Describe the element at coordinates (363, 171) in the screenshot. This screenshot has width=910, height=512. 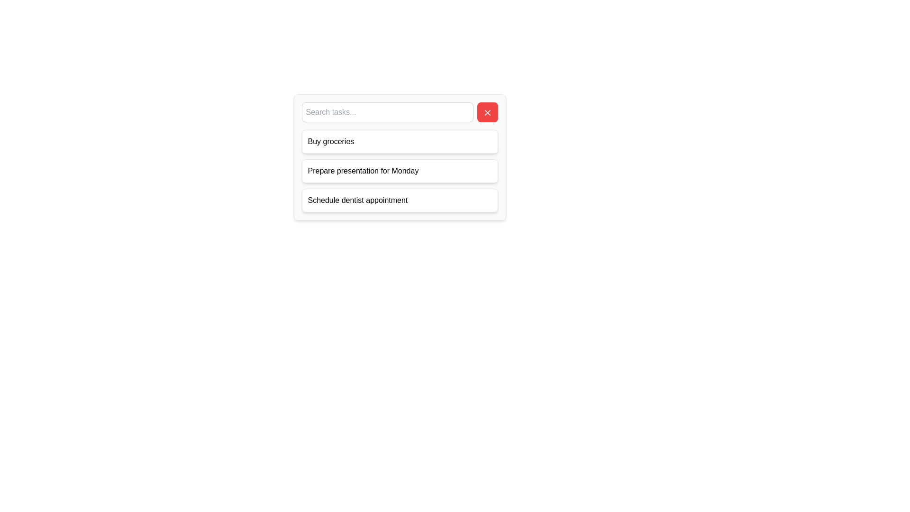
I see `the informational text label in the second row of the to-do list, which describes a specific task` at that location.